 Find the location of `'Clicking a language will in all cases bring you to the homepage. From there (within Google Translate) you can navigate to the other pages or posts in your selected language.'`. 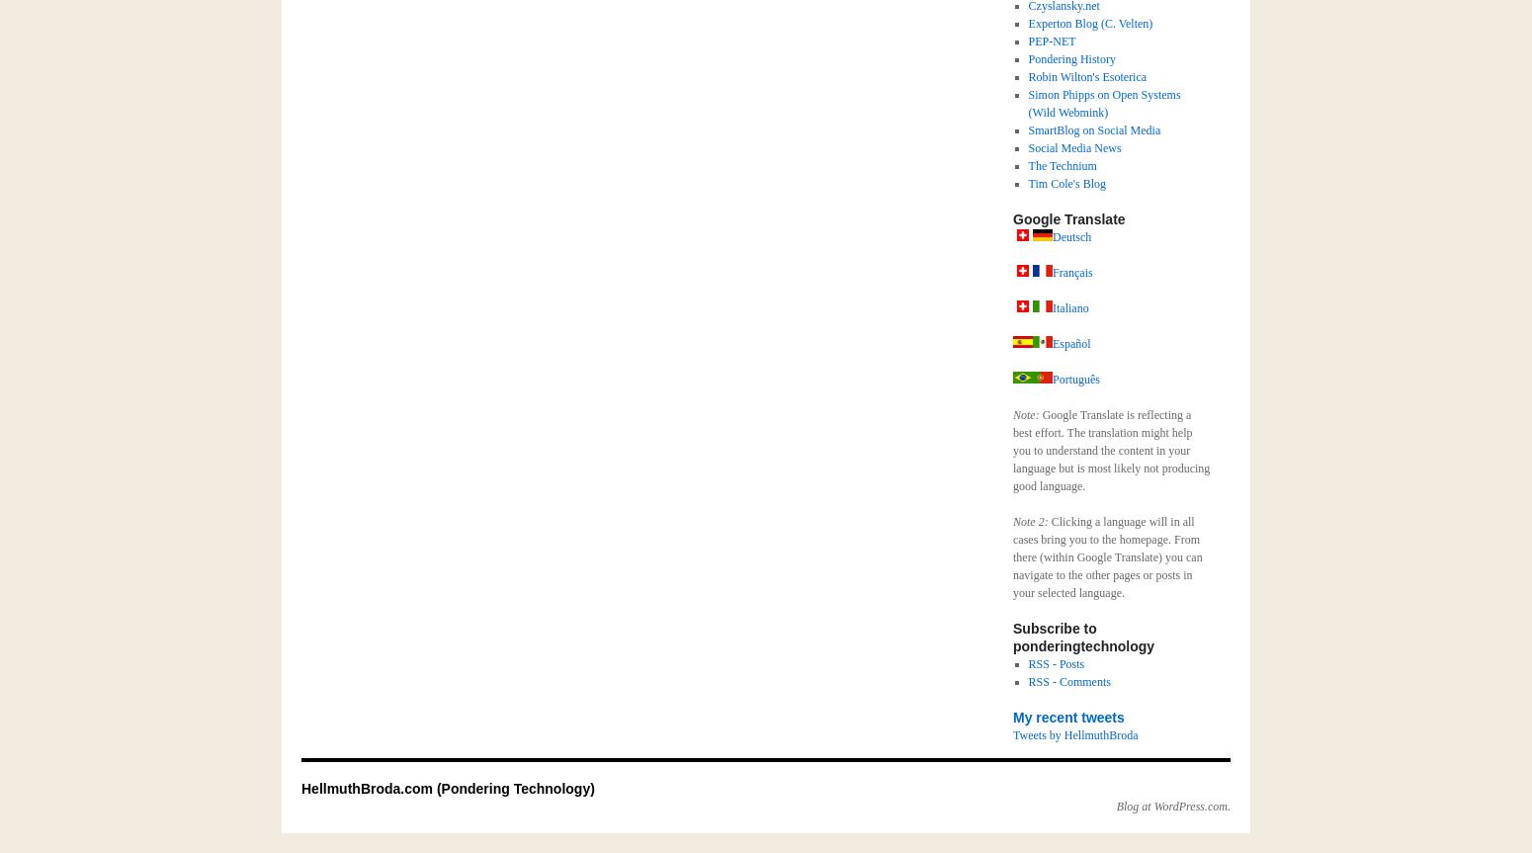

'Clicking a language will in all cases bring you to the homepage. From there (within Google Translate) you can navigate to the other pages or posts in your selected language.' is located at coordinates (1106, 556).